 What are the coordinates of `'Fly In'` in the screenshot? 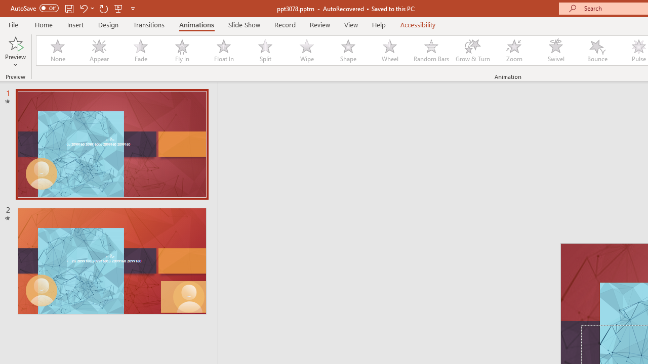 It's located at (182, 51).